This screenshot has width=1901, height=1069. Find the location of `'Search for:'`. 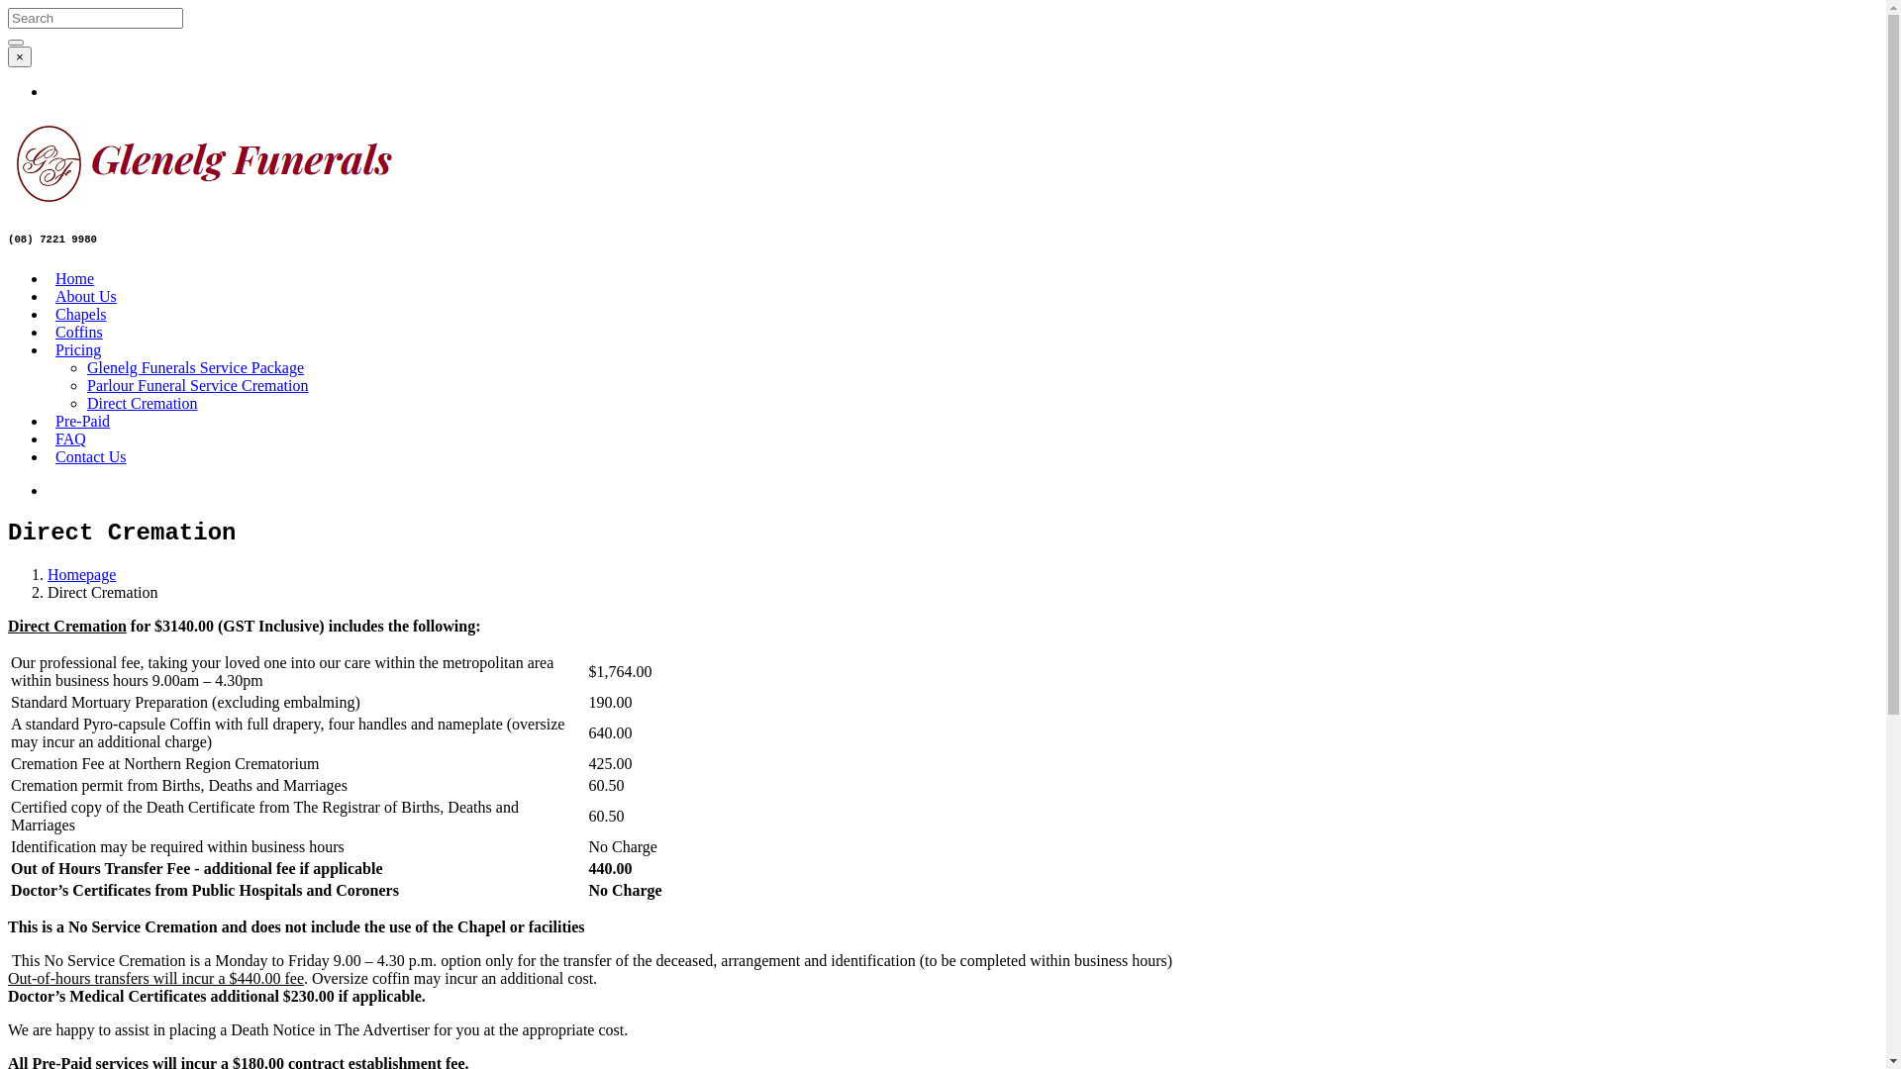

'Search for:' is located at coordinates (8, 18).